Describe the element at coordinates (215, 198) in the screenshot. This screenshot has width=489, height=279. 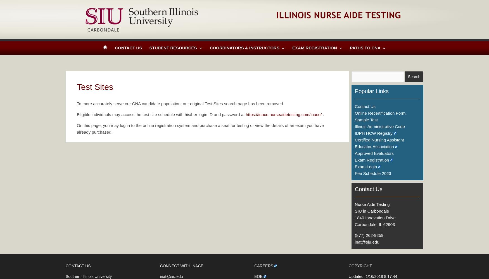
I see `'Test Item Development'` at that location.